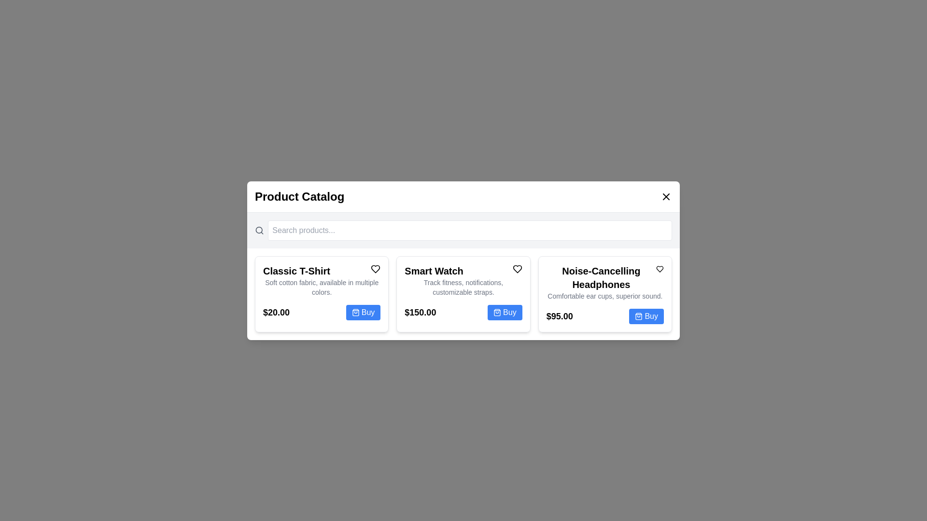  What do you see at coordinates (504, 312) in the screenshot?
I see `the 'Buy' button for the product 'Smart Watch' to add it to the shopping cart` at bounding box center [504, 312].